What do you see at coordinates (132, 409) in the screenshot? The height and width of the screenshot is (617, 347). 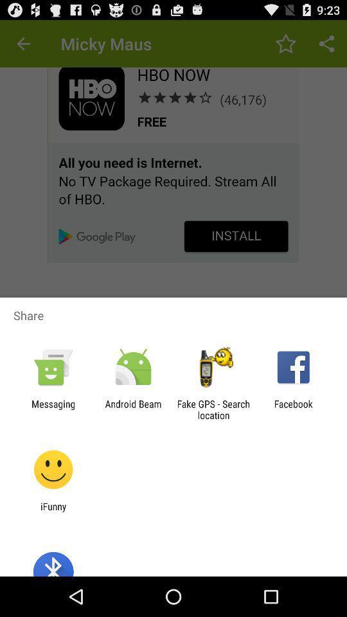 I see `the android beam icon` at bounding box center [132, 409].